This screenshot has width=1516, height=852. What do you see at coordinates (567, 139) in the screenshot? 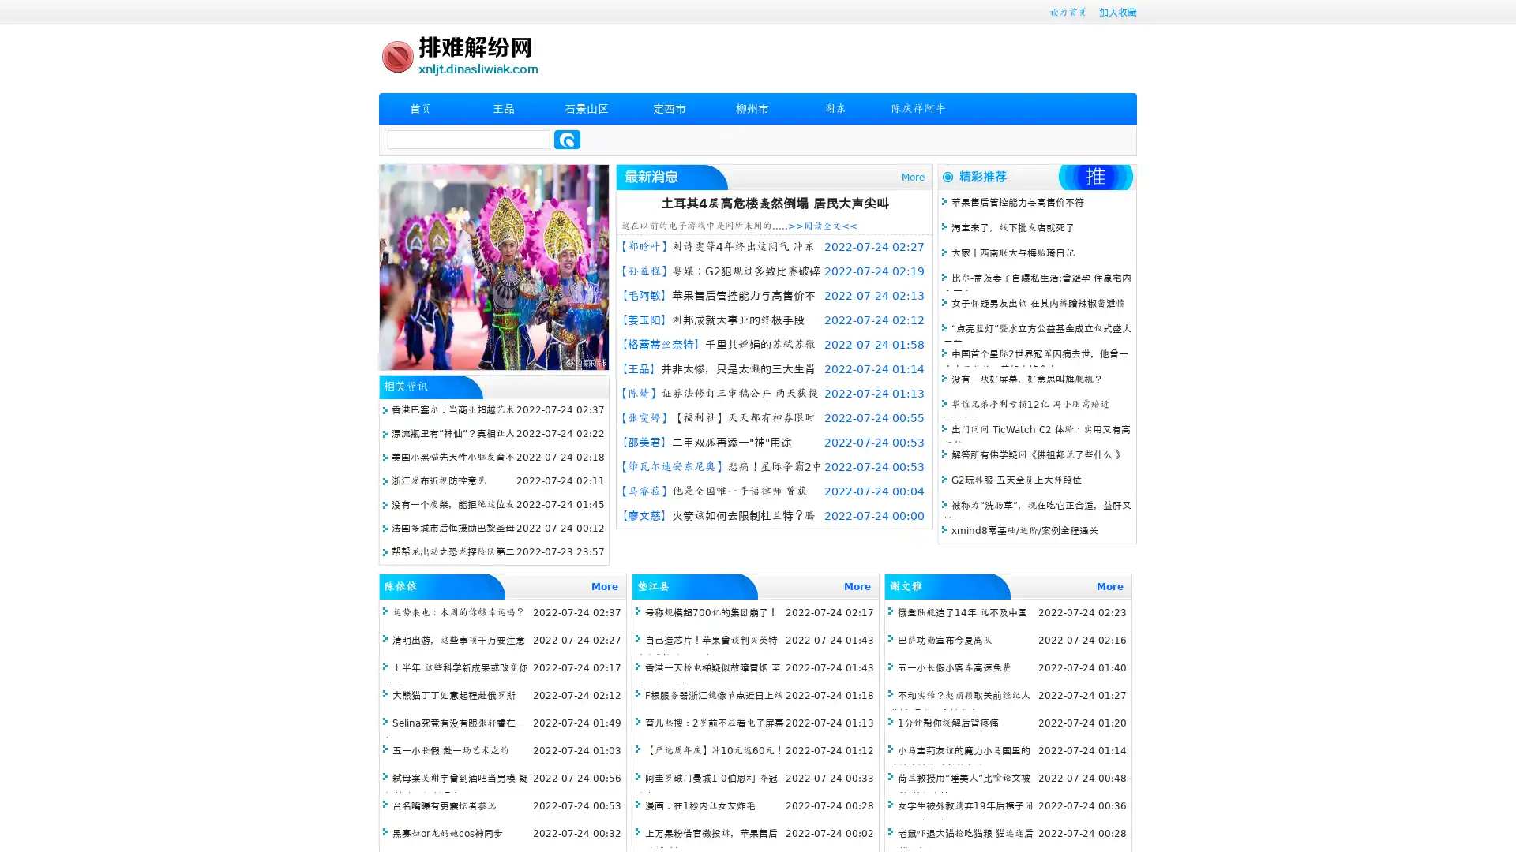
I see `Search` at bounding box center [567, 139].